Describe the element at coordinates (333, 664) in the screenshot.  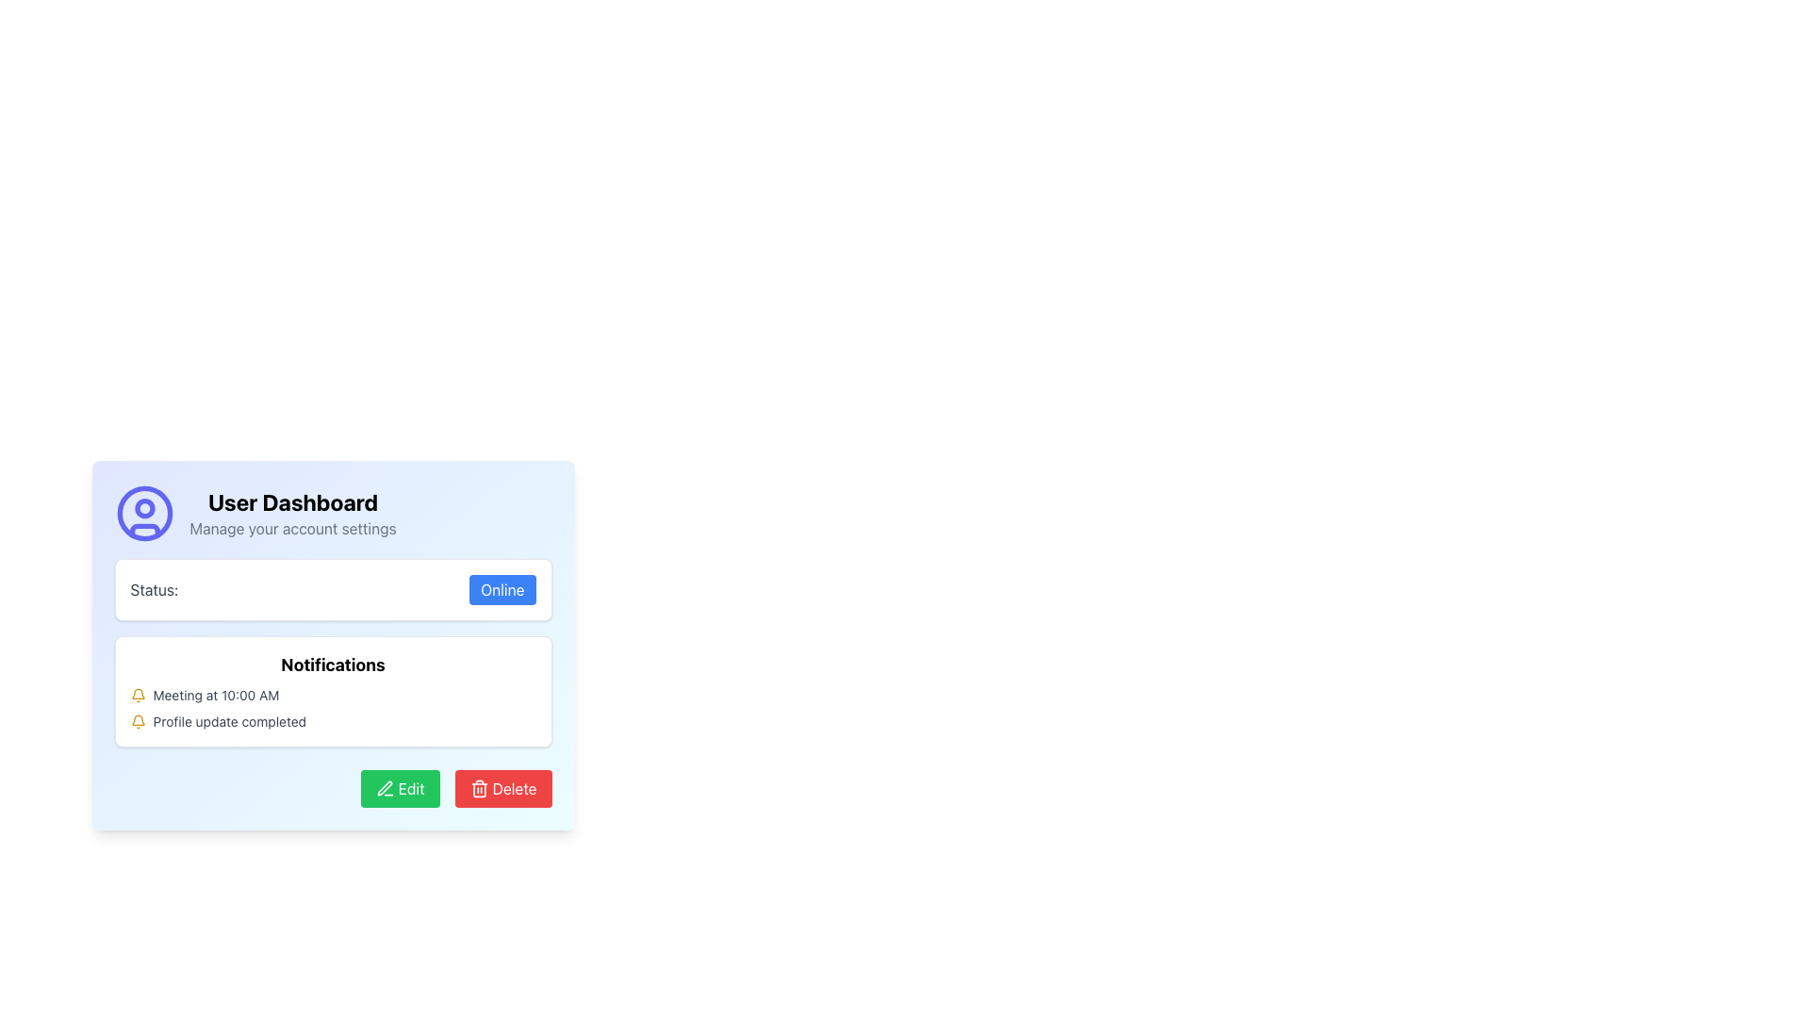
I see `the bold black text label reading 'Notifications' which is positioned at the top of the notifications section` at that location.